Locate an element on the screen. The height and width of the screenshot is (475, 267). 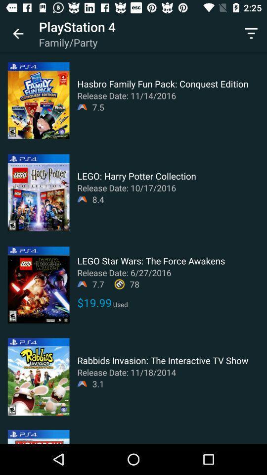
app to the left of playstation 4 is located at coordinates (18, 34).